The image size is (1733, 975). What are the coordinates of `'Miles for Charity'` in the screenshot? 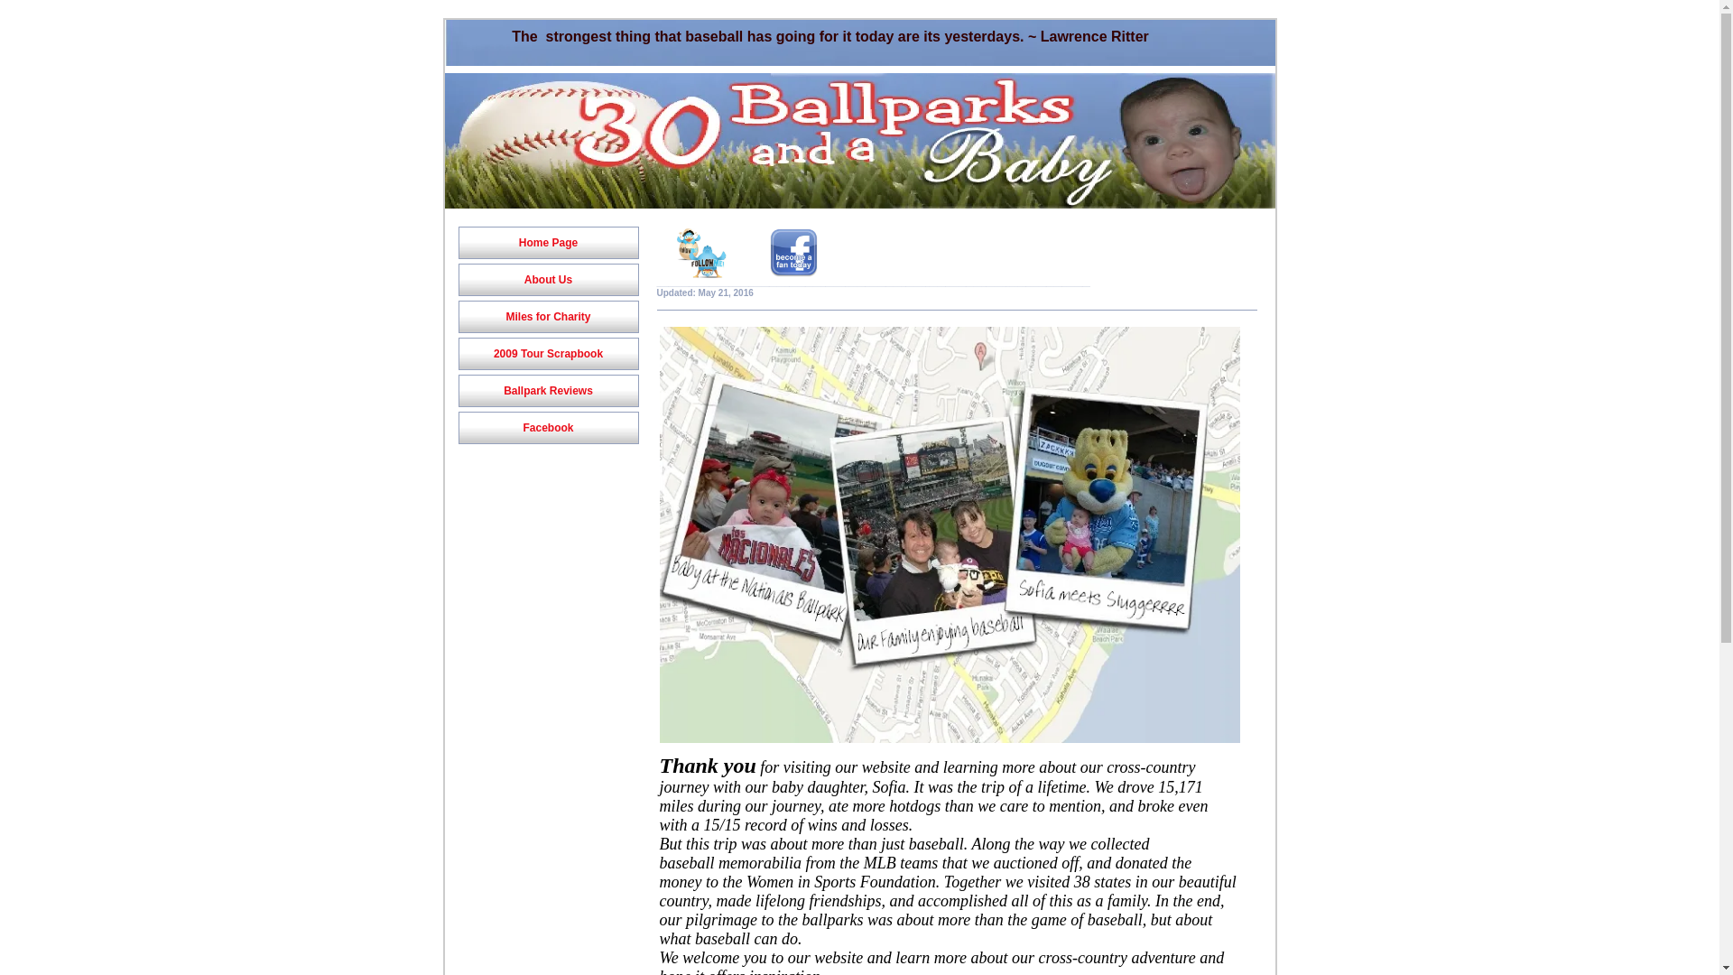 It's located at (546, 316).